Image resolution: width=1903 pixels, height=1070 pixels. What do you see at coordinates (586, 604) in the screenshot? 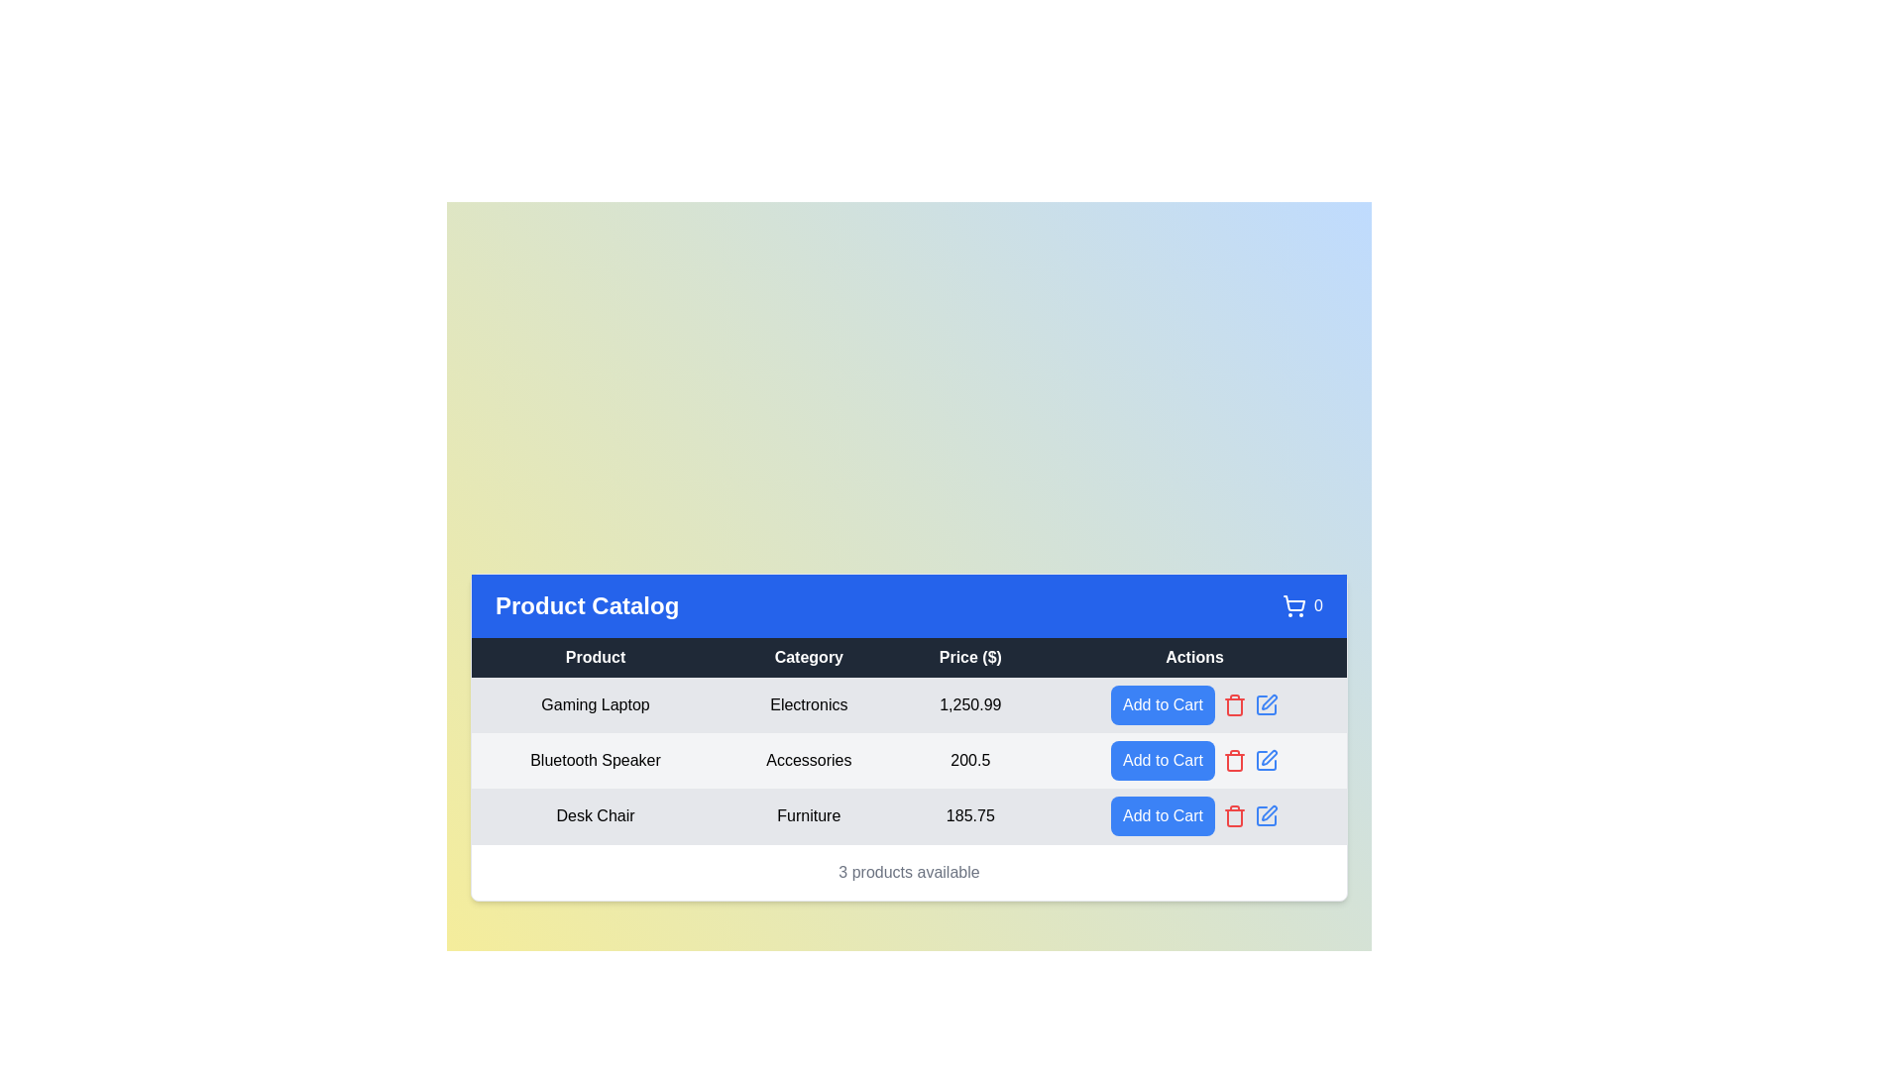
I see `the Text Label that serves as a title or heading for the page section, located on the left side of the navigation bar at the top of the content section` at bounding box center [586, 604].